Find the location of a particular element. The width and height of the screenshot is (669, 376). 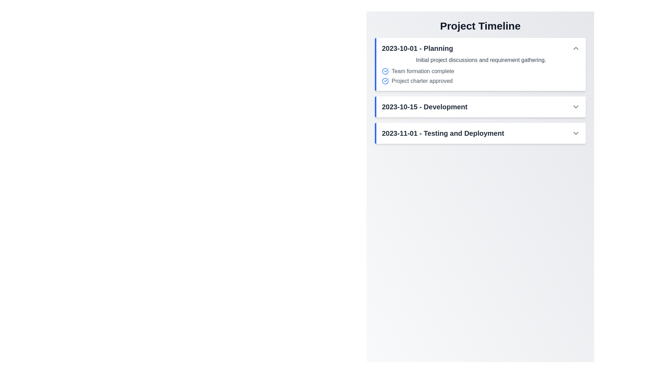

the individual tasks within the informational card summarizing the planning phase of the project timeline is located at coordinates (480, 64).